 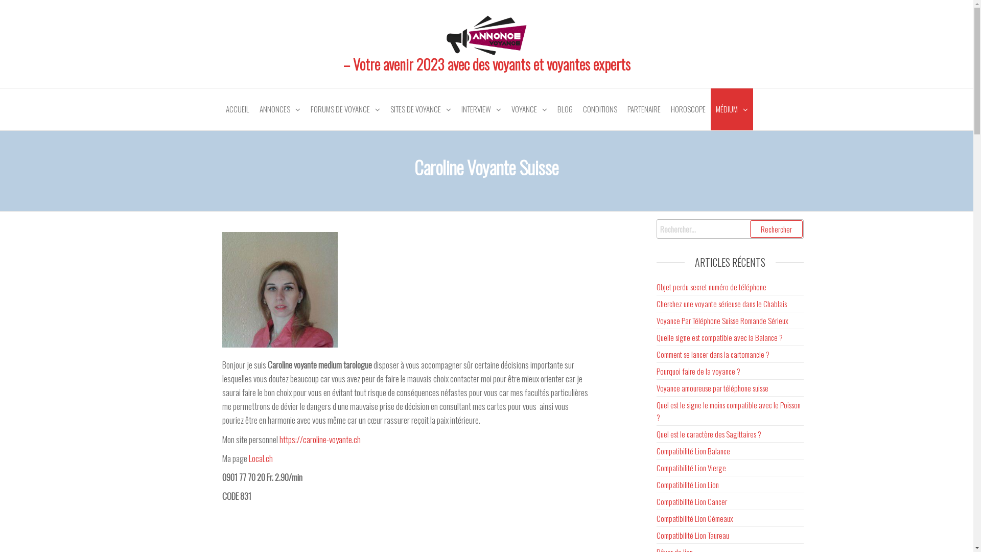 I want to click on 'CONDITIONS', so click(x=577, y=108).